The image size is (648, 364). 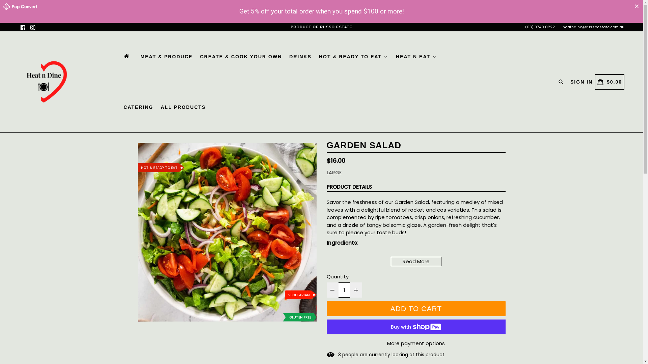 What do you see at coordinates (416, 261) in the screenshot?
I see `'Read More'` at bounding box center [416, 261].